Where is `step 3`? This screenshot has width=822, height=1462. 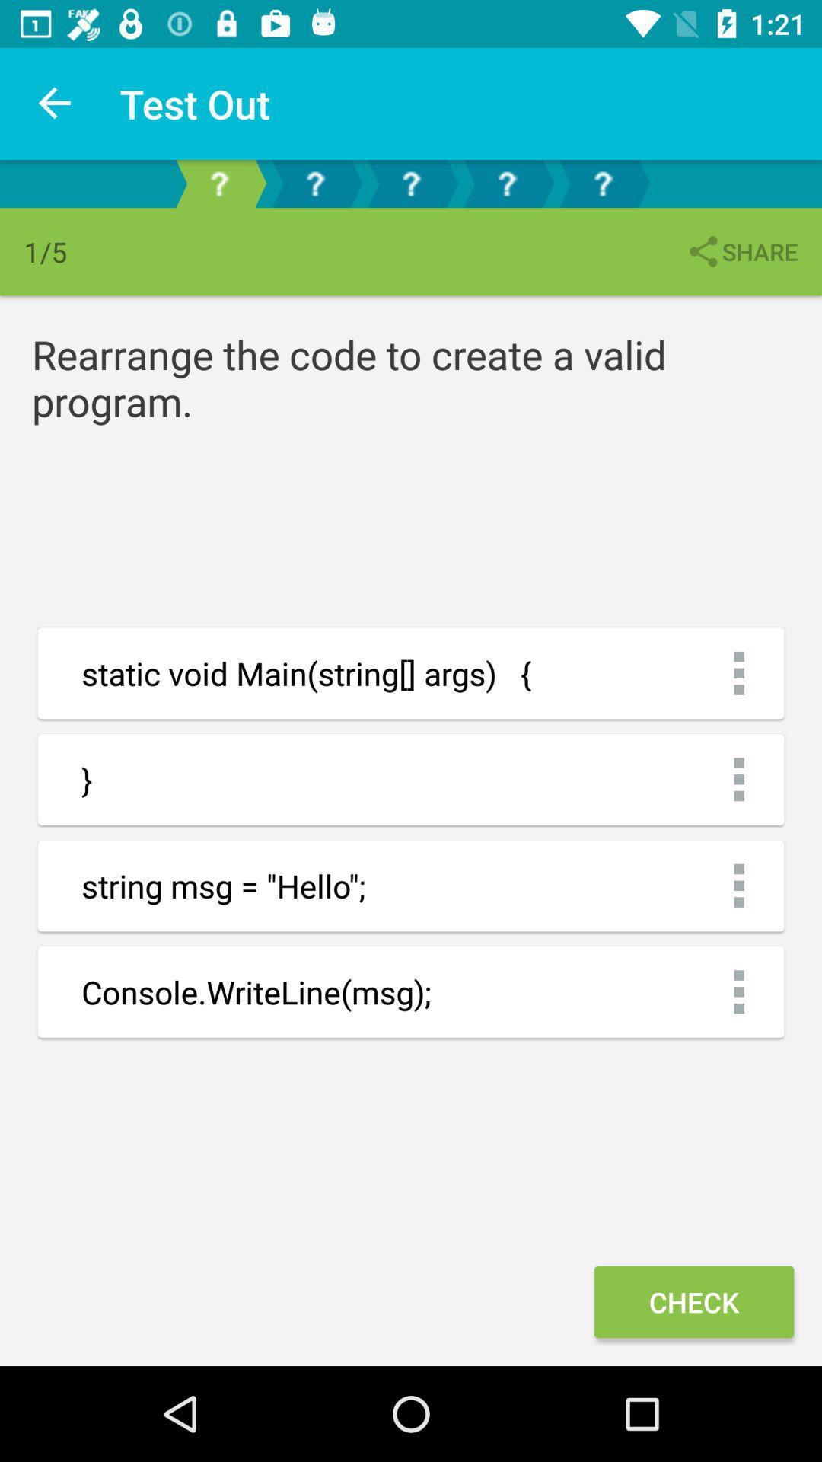
step 3 is located at coordinates (411, 183).